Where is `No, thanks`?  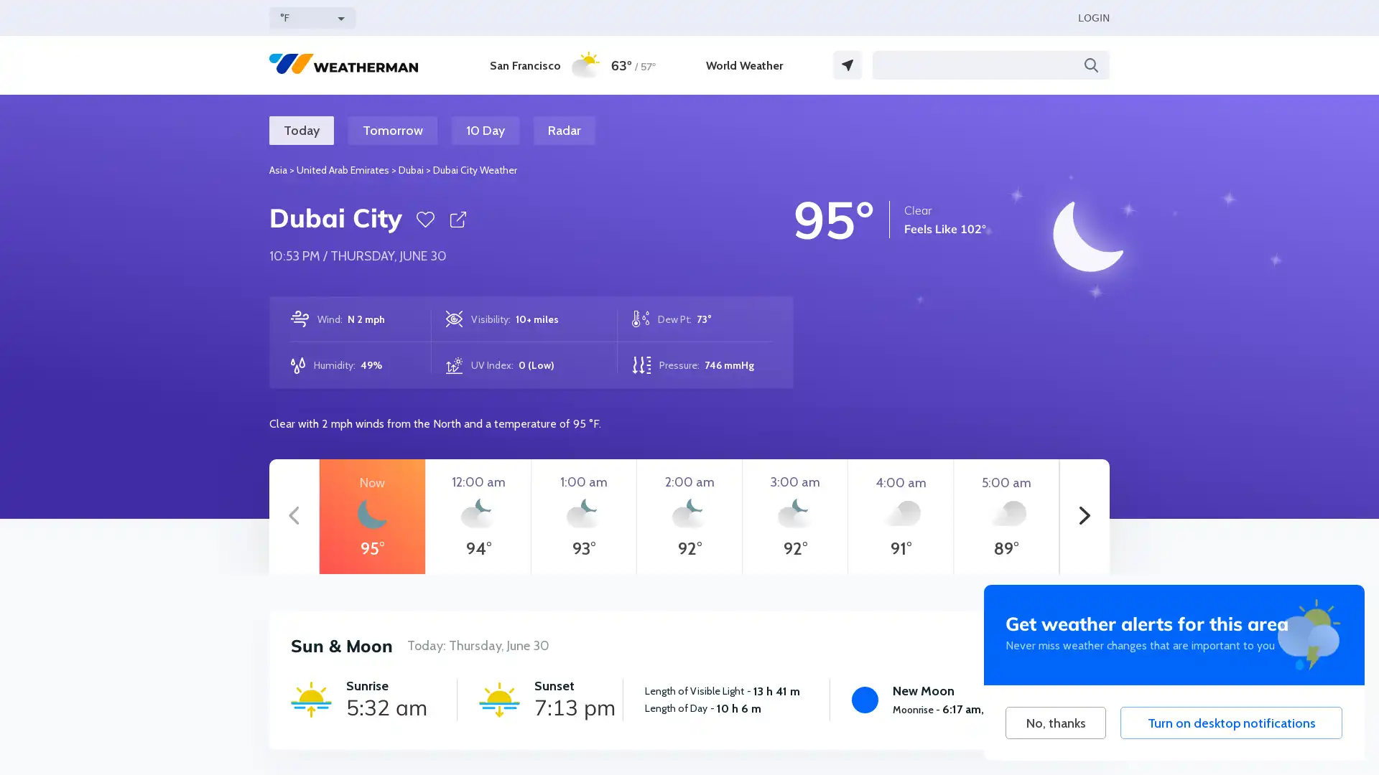
No, thanks is located at coordinates (1055, 723).